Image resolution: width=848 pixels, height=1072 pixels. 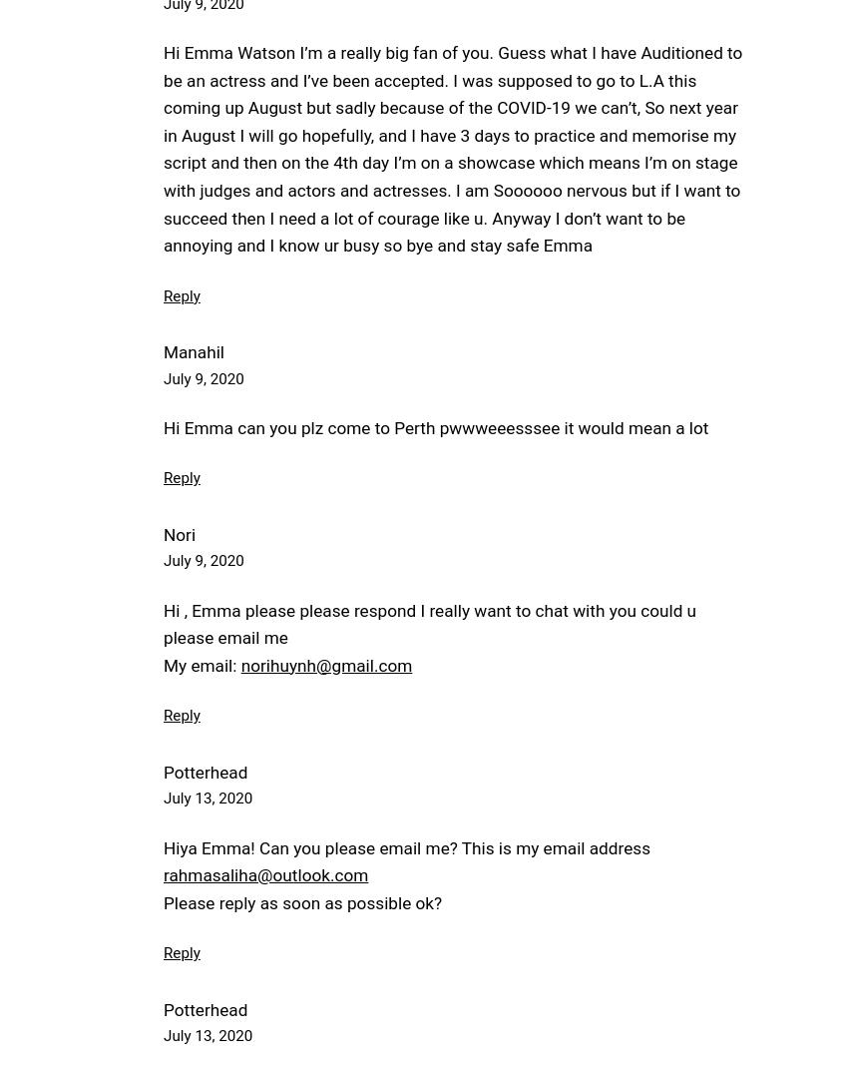 I want to click on 'Hi Emma Watson I’m a really big fan of you. Guess what I have Auditioned to be an actress and I’ve been accepted. I was supposed to go to L.A this coming up August but sadly because of the COVID-19 we can’t, So next year in August I will go hopefully, and I have 3 days to practice and memorise my script and then on the 4th day I’m on a showcase which means I’m on stage with judges and actors and actresses. I am Soooooo nervous but if I want to succeed then I need a lot of courage like u. Anyway I don’t want to be annoying and I know ur busy so bye and stay safe Emma', so click(x=163, y=148).